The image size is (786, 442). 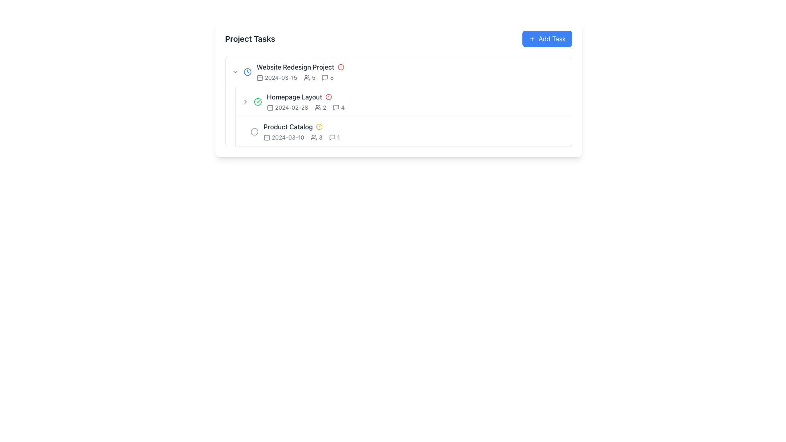 What do you see at coordinates (320, 137) in the screenshot?
I see `the numerical indicator text associated with the 'Homepage Layout' task row` at bounding box center [320, 137].